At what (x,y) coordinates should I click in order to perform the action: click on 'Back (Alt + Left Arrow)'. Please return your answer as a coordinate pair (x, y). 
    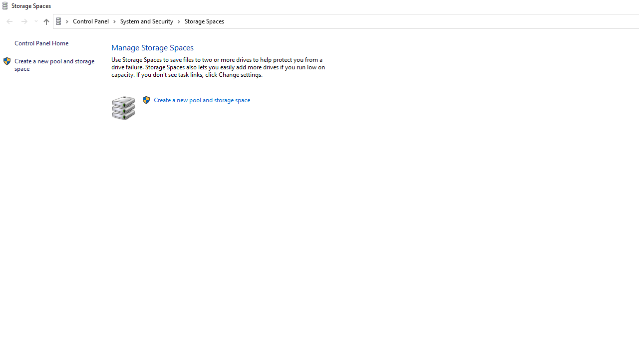
    Looking at the image, I should click on (9, 21).